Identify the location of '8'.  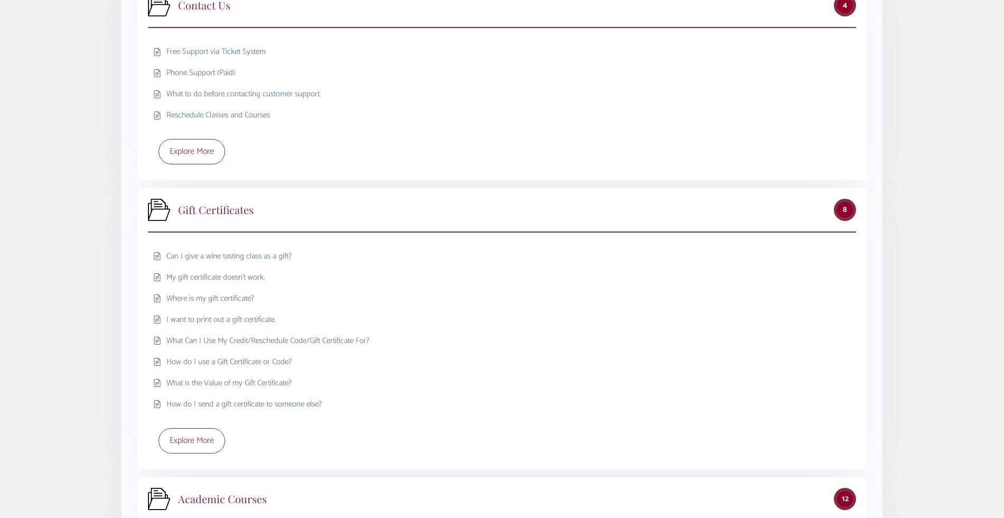
(845, 209).